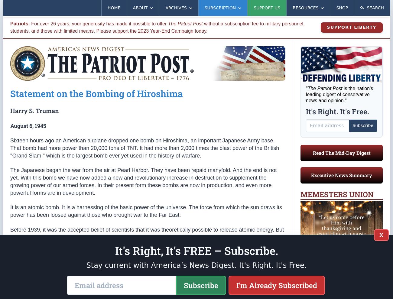 The image size is (393, 299). What do you see at coordinates (147, 244) in the screenshot?
I see `'Before 1939, it was the accepted belief of scientists that it was theoretically possible to release atomic energy. But no one knew any practical method of doing it. By 1942, however, we knew that the Germans were working feverishly to find a way to add atomic energy to the other engines of war with which they hoped to enslave the world. But they failed. We may be grateful to Providence that the Germans got the V-1's and V-2's late and in limited quantities and even more grateful that they did not get the atomic bomb at all.'` at bounding box center [147, 244].